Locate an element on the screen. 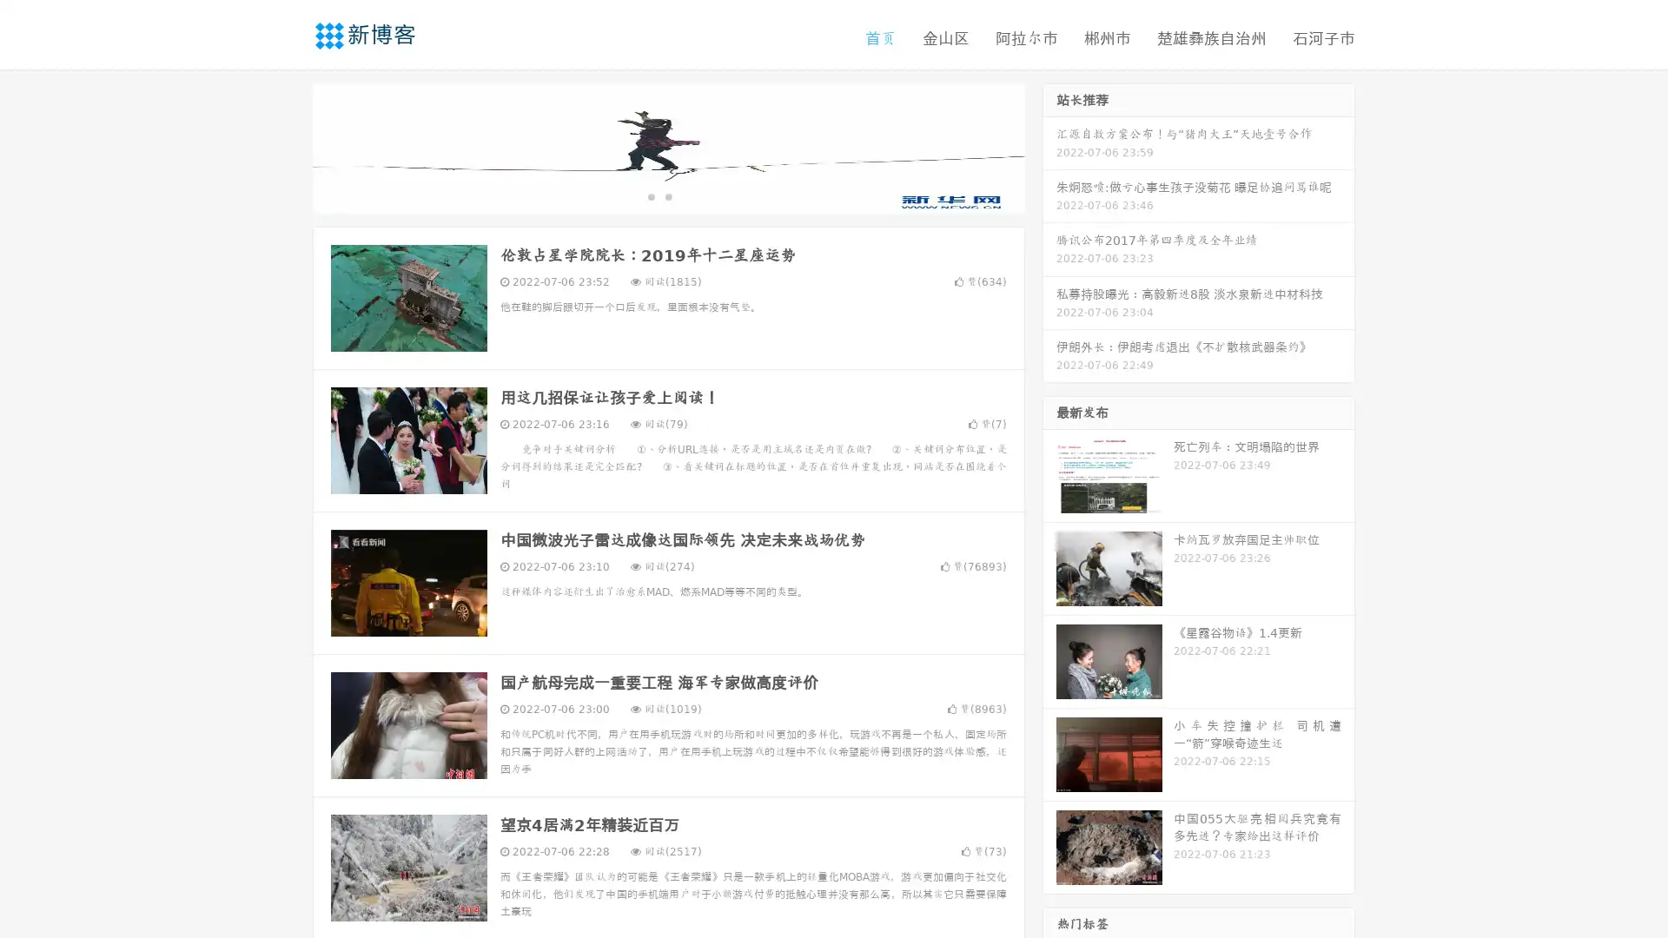 The image size is (1668, 938). Go to slide 1 is located at coordinates (650, 195).